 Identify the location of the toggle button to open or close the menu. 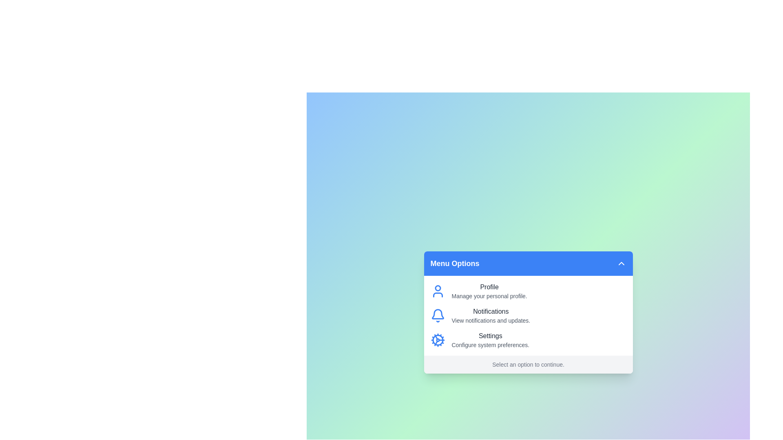
(621, 264).